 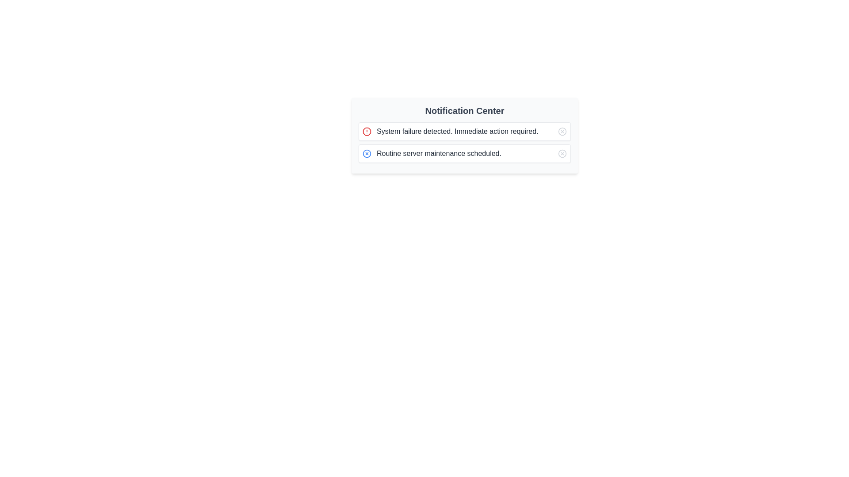 What do you see at coordinates (439, 153) in the screenshot?
I see `the text element displaying the message 'Routine server maintenance scheduled.' located in the Notification Center, positioned in the second row of notifications` at bounding box center [439, 153].